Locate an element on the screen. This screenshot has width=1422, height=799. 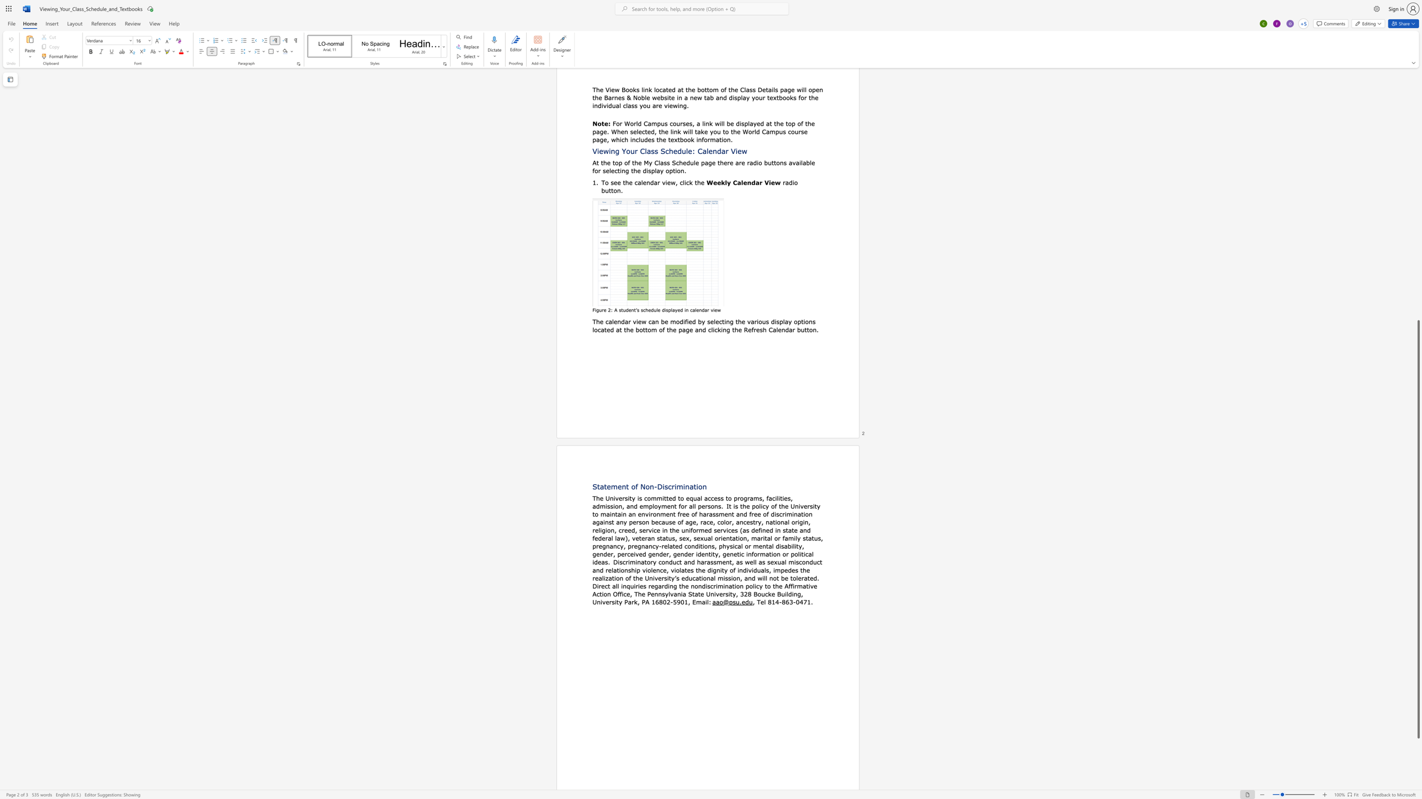
the scrollbar to move the content higher is located at coordinates (1418, 255).